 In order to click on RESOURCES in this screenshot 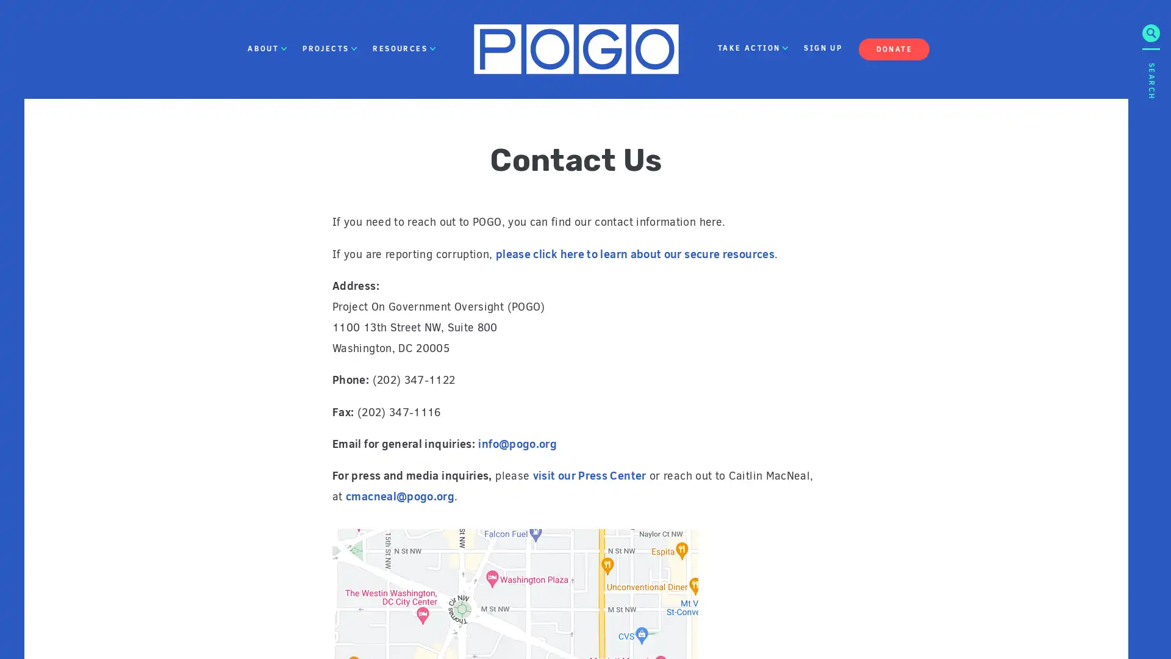, I will do `click(404, 48)`.